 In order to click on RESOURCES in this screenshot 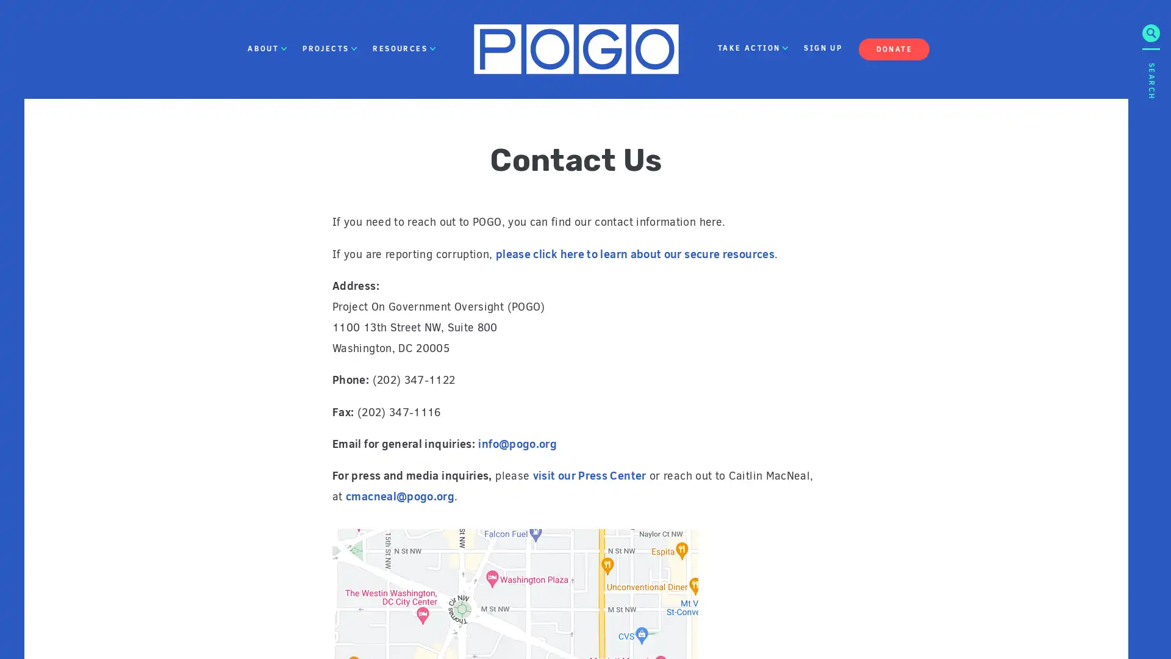, I will do `click(404, 48)`.